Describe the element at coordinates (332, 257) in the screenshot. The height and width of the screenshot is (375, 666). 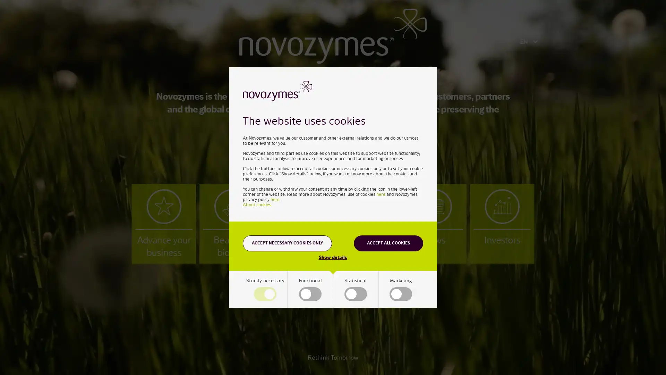
I see `Show details` at that location.